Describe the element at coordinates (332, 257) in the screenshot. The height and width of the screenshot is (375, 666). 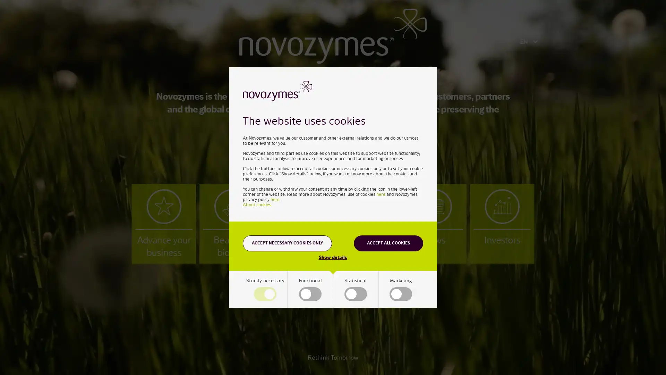
I see `Show details` at that location.